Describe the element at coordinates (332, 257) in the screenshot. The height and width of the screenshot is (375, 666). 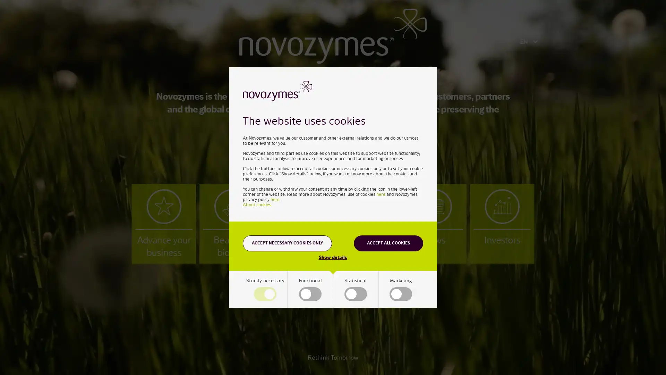
I see `Show details` at that location.